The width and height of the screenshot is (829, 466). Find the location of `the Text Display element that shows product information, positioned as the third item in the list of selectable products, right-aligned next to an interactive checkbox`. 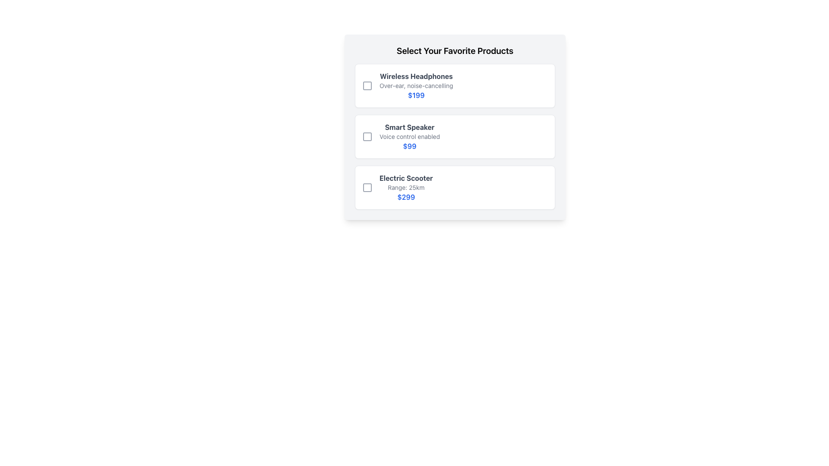

the Text Display element that shows product information, positioned as the third item in the list of selectable products, right-aligned next to an interactive checkbox is located at coordinates (405, 187).